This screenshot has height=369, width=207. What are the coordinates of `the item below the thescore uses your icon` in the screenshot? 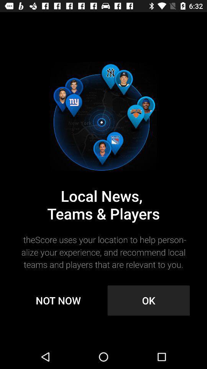 It's located at (58, 300).